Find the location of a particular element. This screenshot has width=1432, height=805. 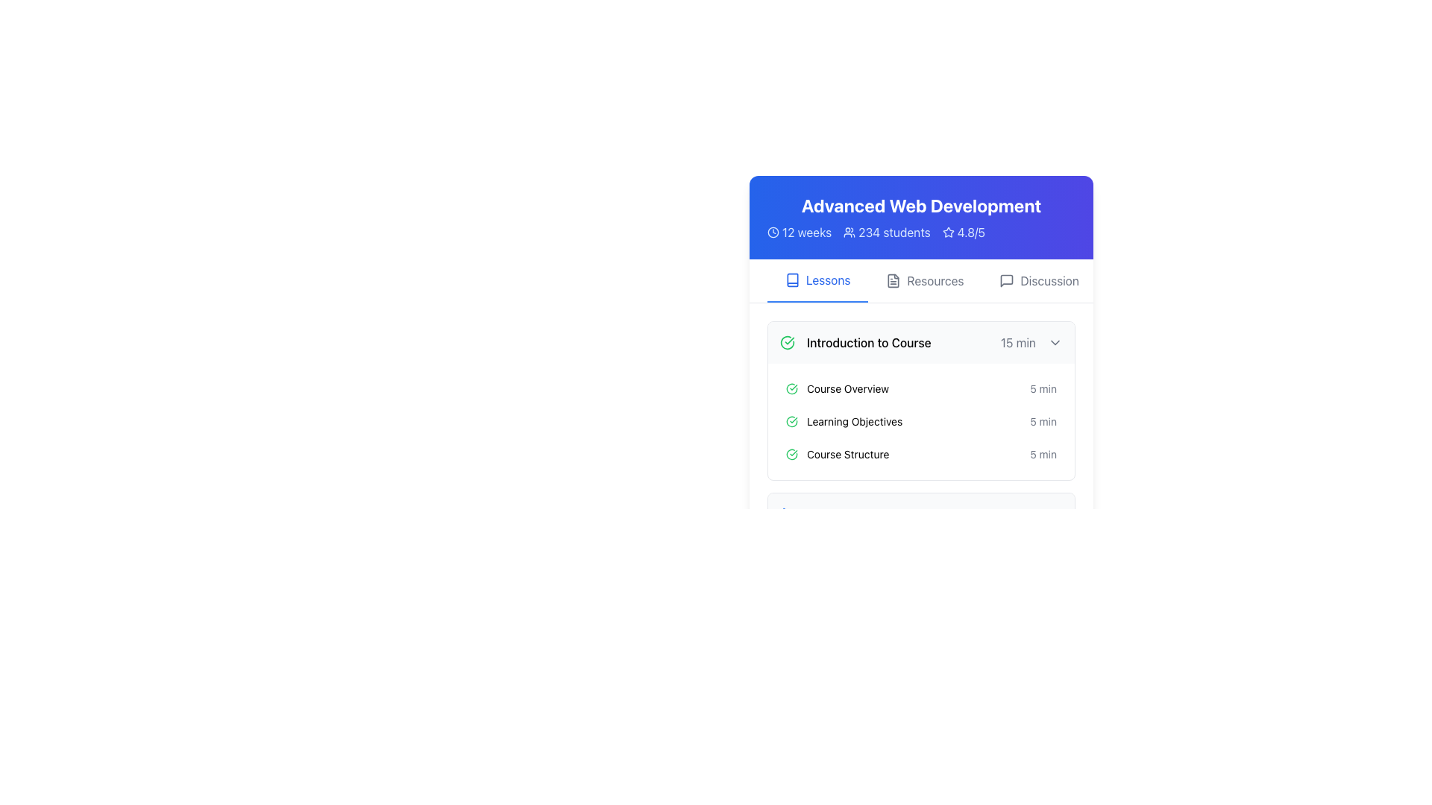

the textual component displaying the word 'Discussion' in dark gray color is located at coordinates (1049, 281).